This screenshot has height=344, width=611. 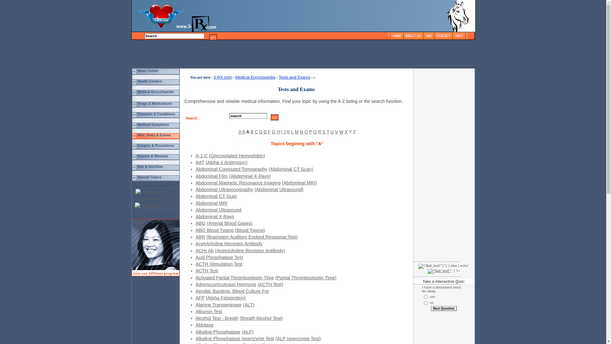 What do you see at coordinates (214, 230) in the screenshot?
I see `'ABO Blood Typing'` at bounding box center [214, 230].